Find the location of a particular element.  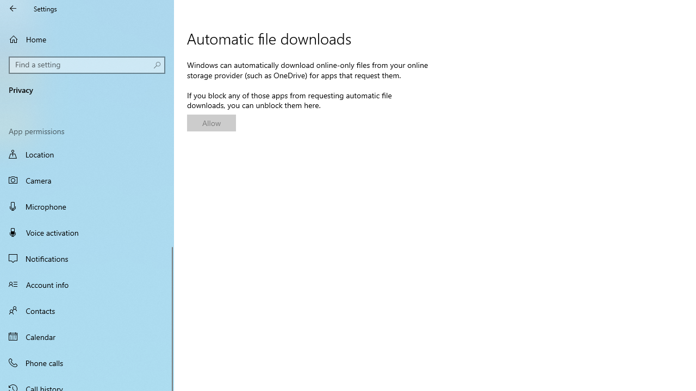

'Voice activation' is located at coordinates (87, 232).